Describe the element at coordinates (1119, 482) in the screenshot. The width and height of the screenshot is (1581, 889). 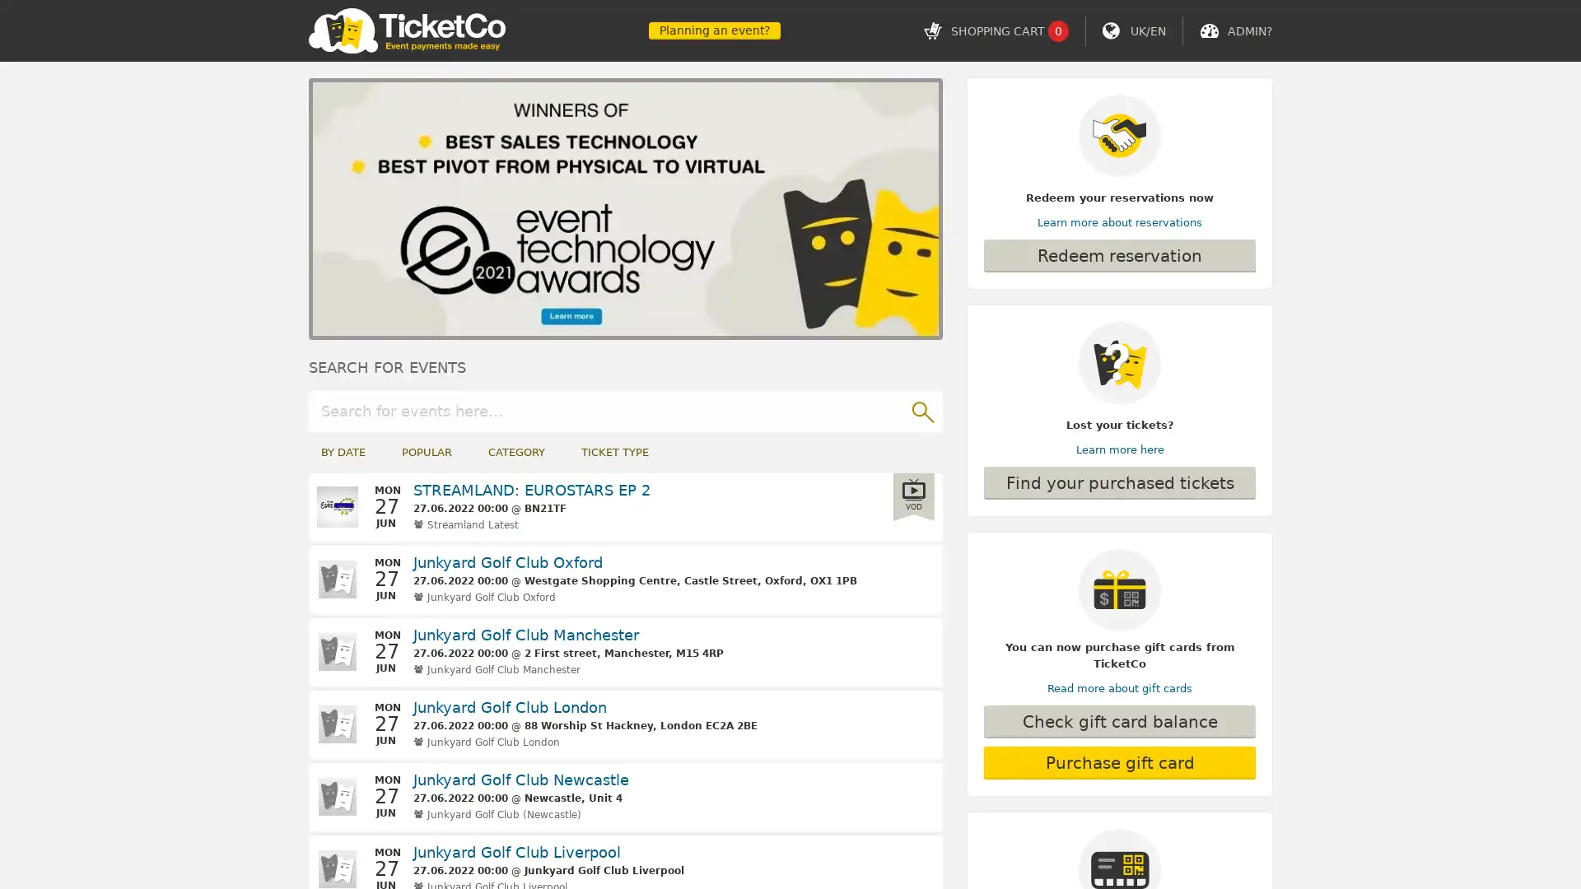
I see `Find your purchased tickets` at that location.